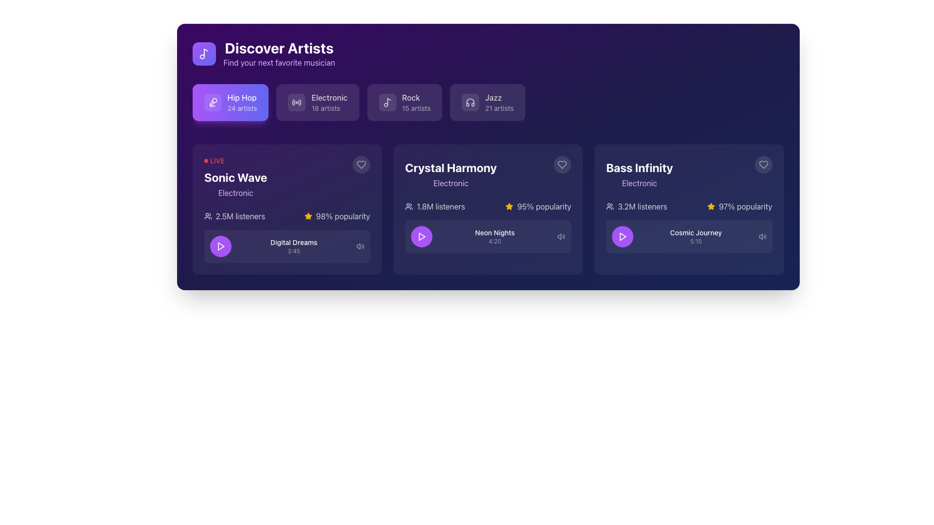 This screenshot has height=525, width=934. Describe the element at coordinates (287, 215) in the screenshot. I see `the information presented by the text and icon combination within the 'Sonic Wave' card, located directly beneath the 'Electronic' genre label` at that location.